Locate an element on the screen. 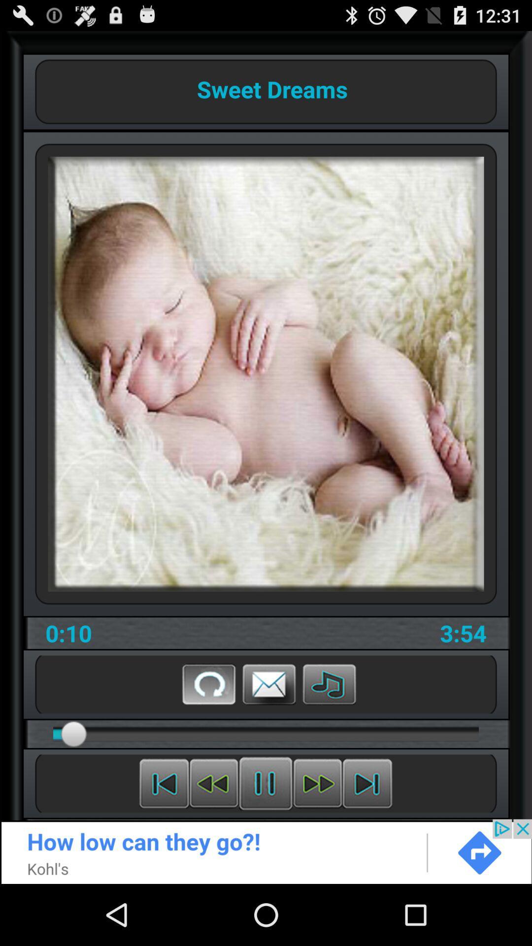 The height and width of the screenshot is (946, 532). next song button is located at coordinates (367, 783).